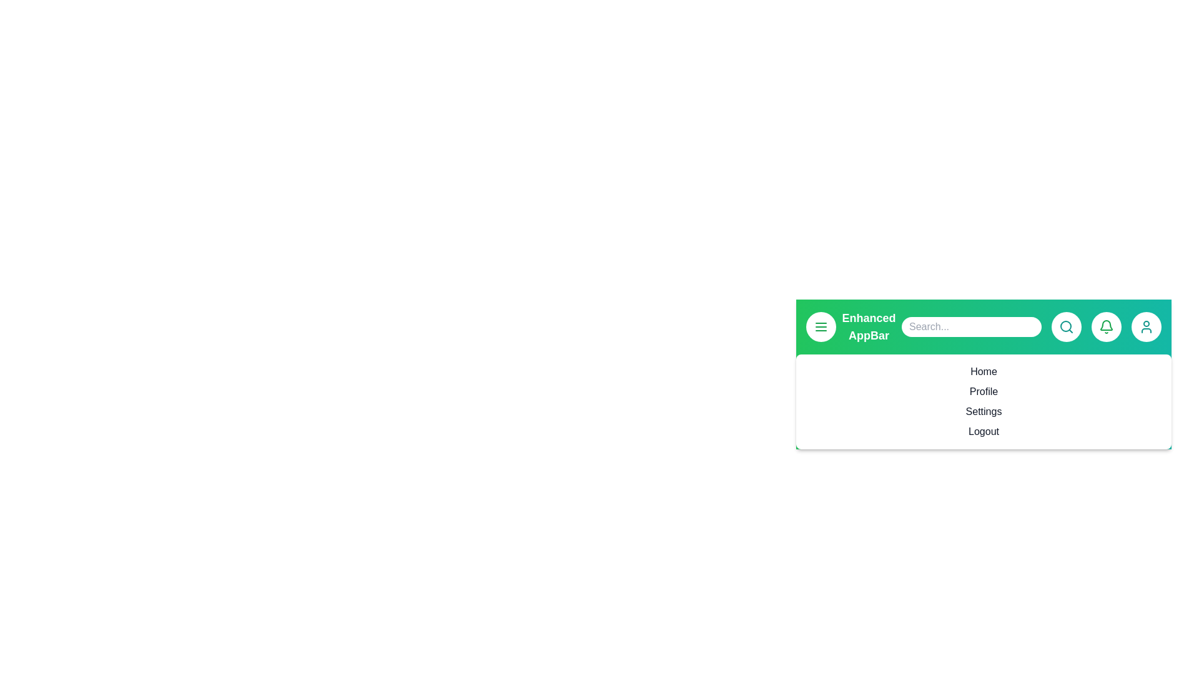 The height and width of the screenshot is (674, 1199). What do you see at coordinates (983, 411) in the screenshot?
I see `the menu item Settings from the EnhancedAppBar` at bounding box center [983, 411].